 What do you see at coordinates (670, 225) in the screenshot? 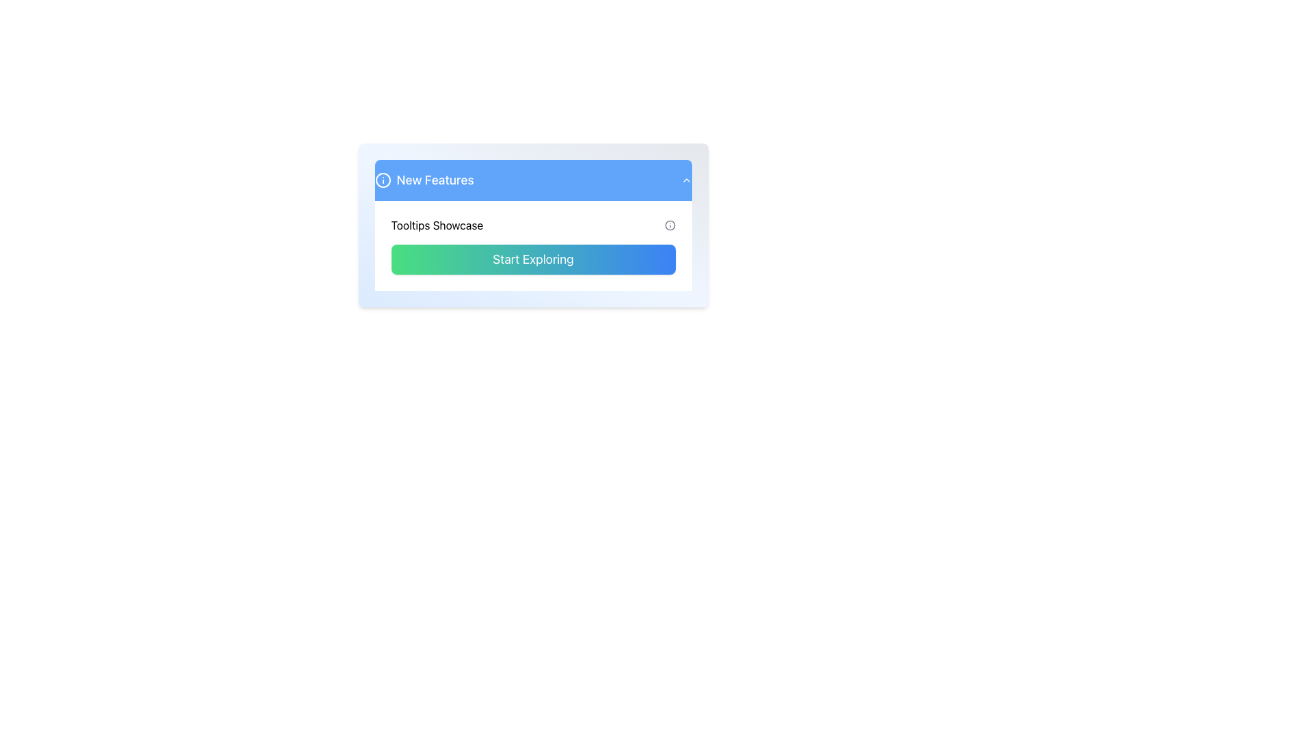
I see `the small circular Information Icon with an 'i' symbol, located in the upper right corner of the 'Tooltips Showcase' section` at bounding box center [670, 225].